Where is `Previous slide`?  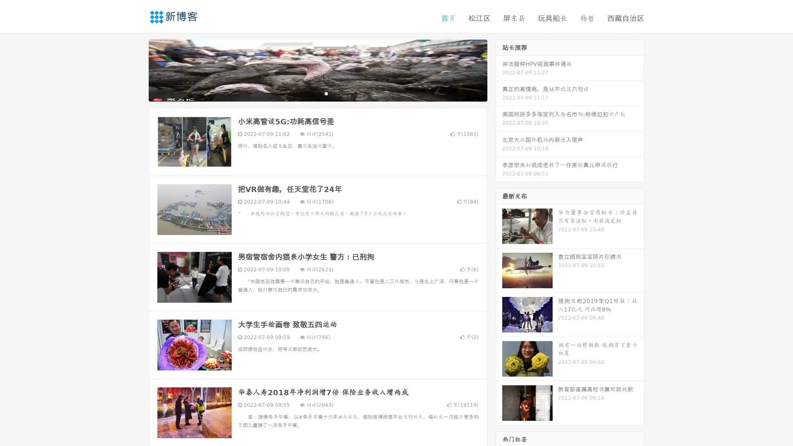
Previous slide is located at coordinates (136, 69).